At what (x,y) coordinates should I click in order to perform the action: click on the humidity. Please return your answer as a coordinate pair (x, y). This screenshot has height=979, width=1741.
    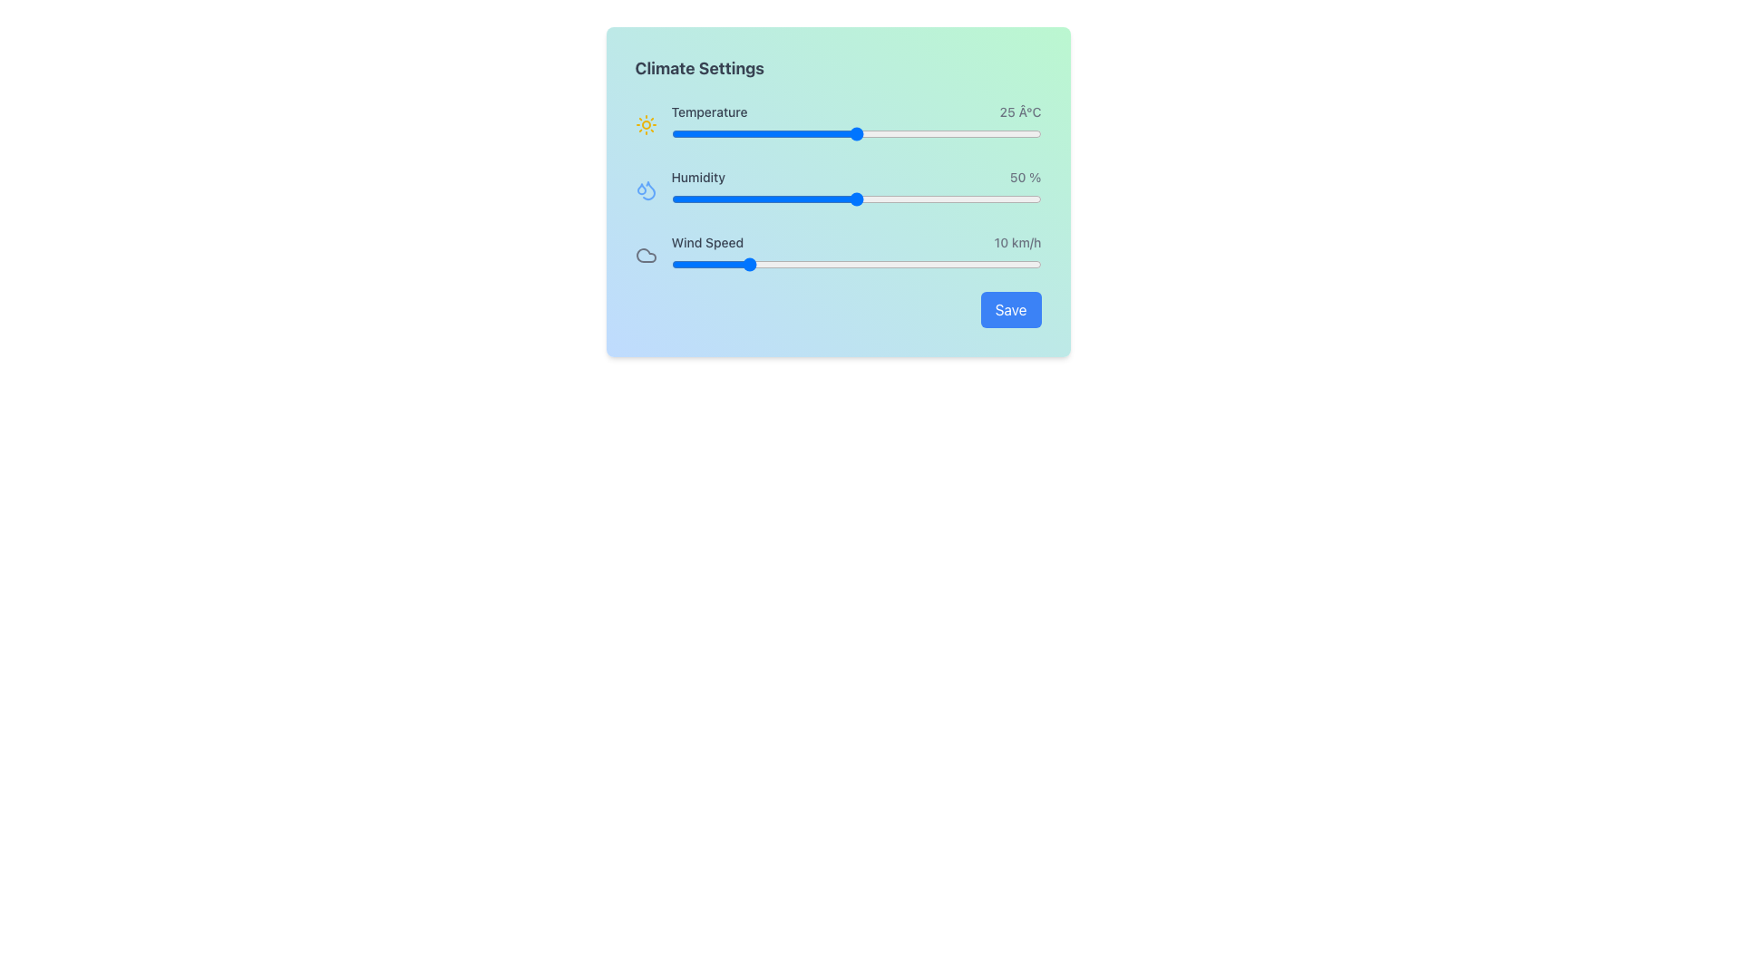
    Looking at the image, I should click on (803, 199).